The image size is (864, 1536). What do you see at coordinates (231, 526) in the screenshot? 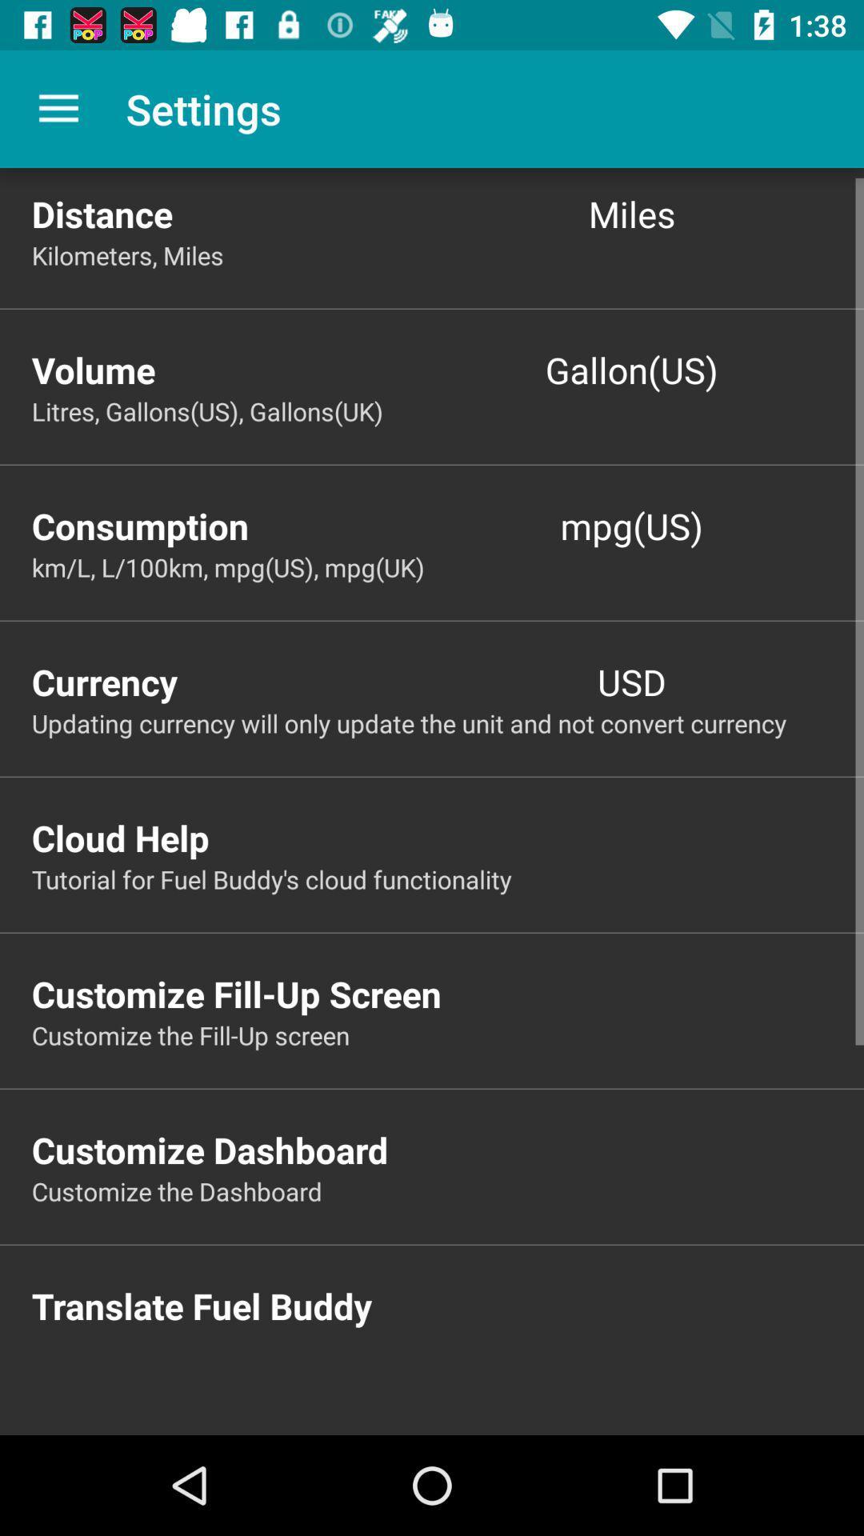
I see `the consumption` at bounding box center [231, 526].